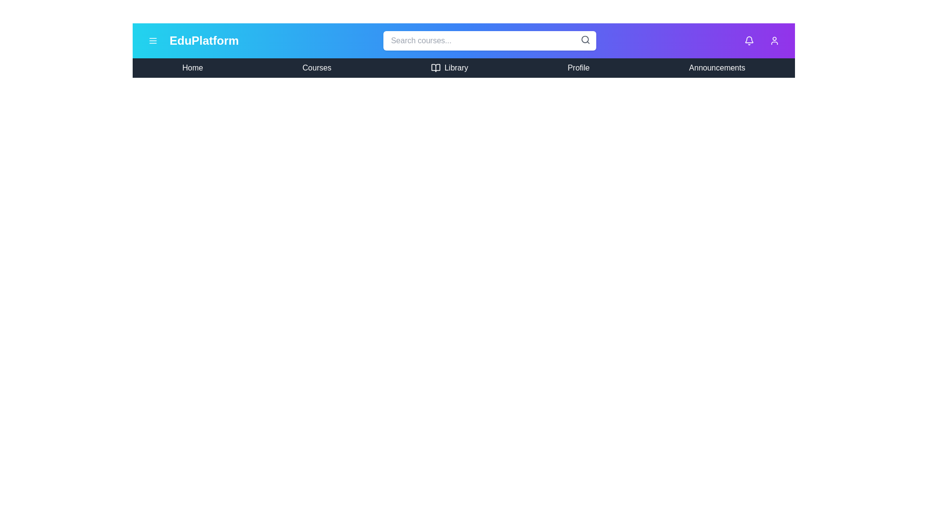 The height and width of the screenshot is (525, 933). What do you see at coordinates (449, 67) in the screenshot?
I see `the menu item Library to navigate to the corresponding section` at bounding box center [449, 67].